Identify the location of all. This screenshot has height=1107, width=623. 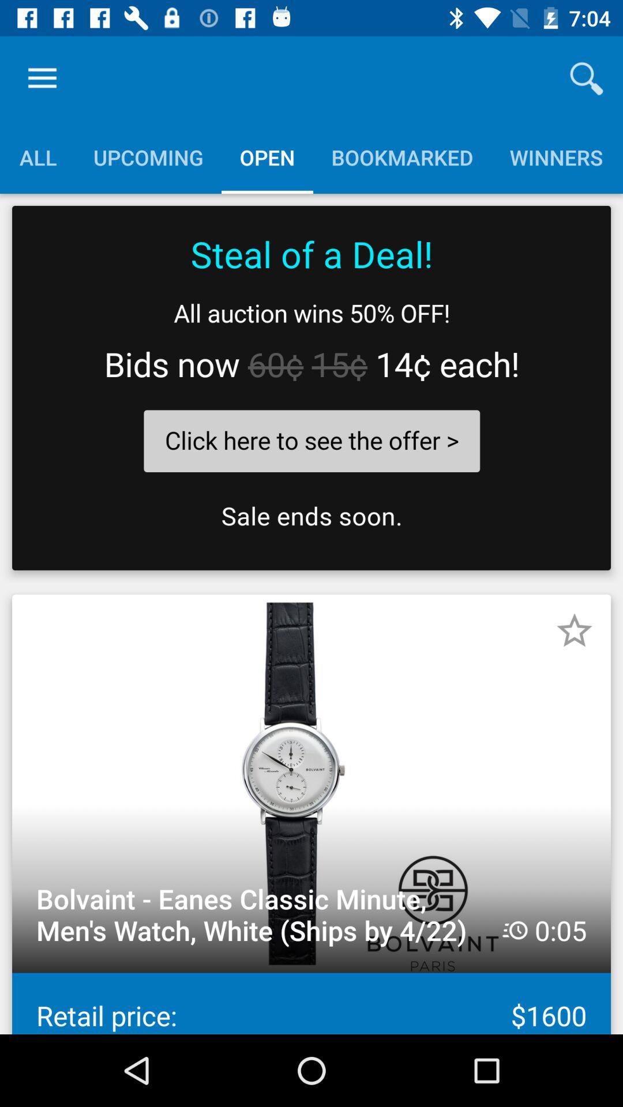
(37, 157).